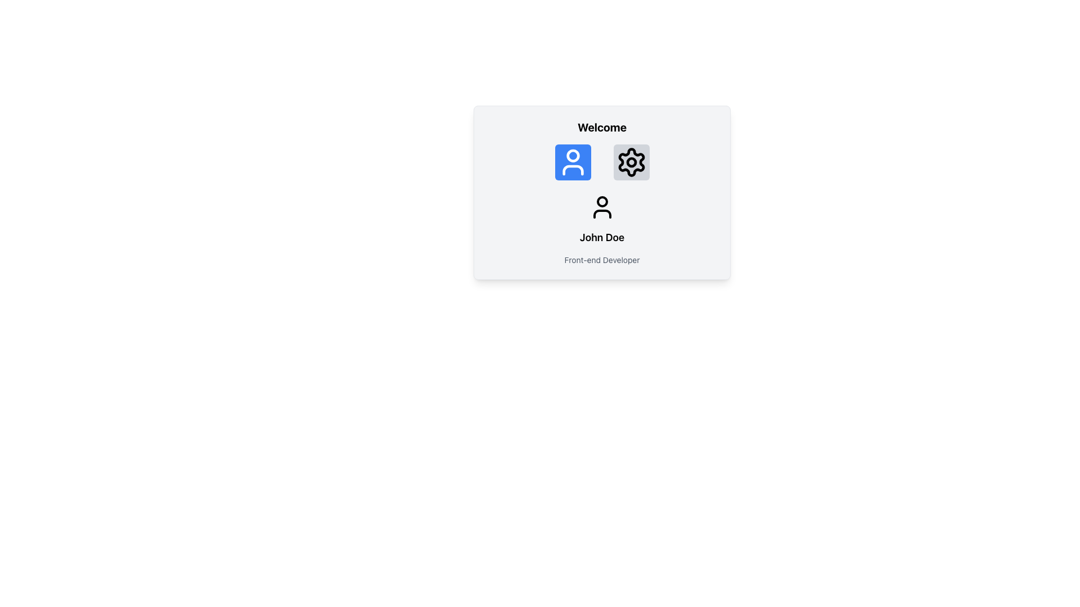 The height and width of the screenshot is (607, 1080). Describe the element at coordinates (601, 207) in the screenshot. I see `the person icon which is visually represented in a black outline style and is located above the text 'John Doe'` at that location.